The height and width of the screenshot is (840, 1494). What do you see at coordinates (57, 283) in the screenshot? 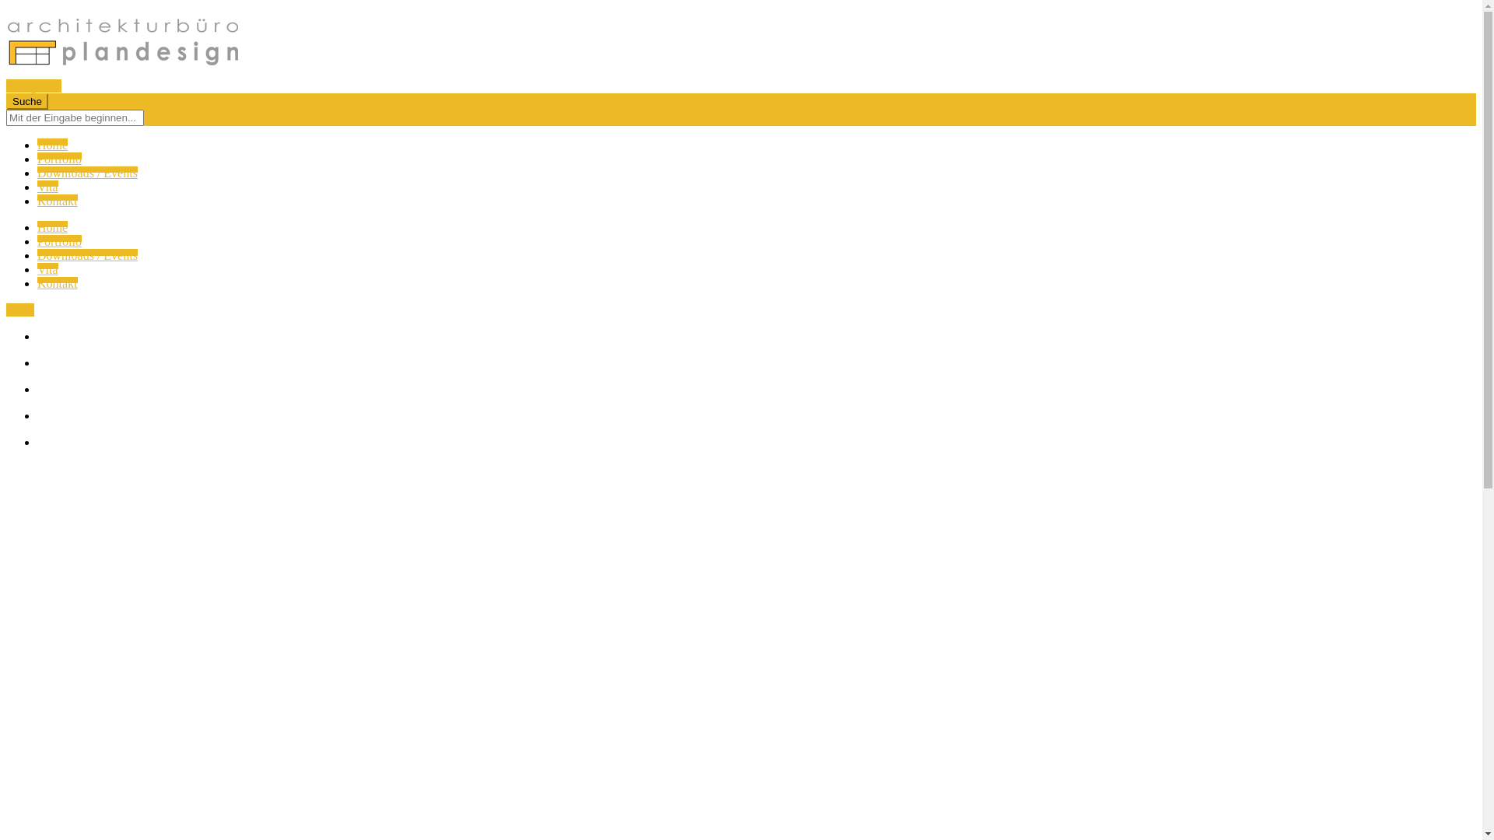
I see `'Kontakt'` at bounding box center [57, 283].